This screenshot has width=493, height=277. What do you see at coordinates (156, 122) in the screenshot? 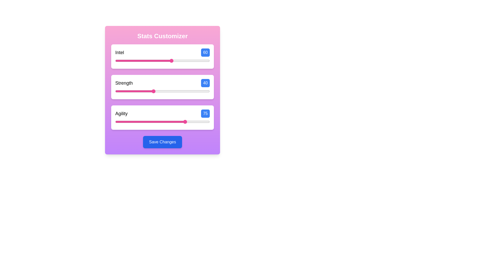
I see `the agility value` at bounding box center [156, 122].